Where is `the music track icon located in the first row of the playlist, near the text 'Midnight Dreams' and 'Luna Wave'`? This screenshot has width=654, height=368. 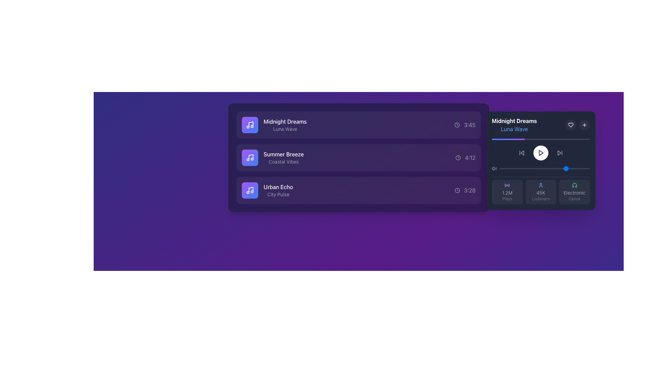 the music track icon located in the first row of the playlist, near the text 'Midnight Dreams' and 'Luna Wave' is located at coordinates (250, 125).